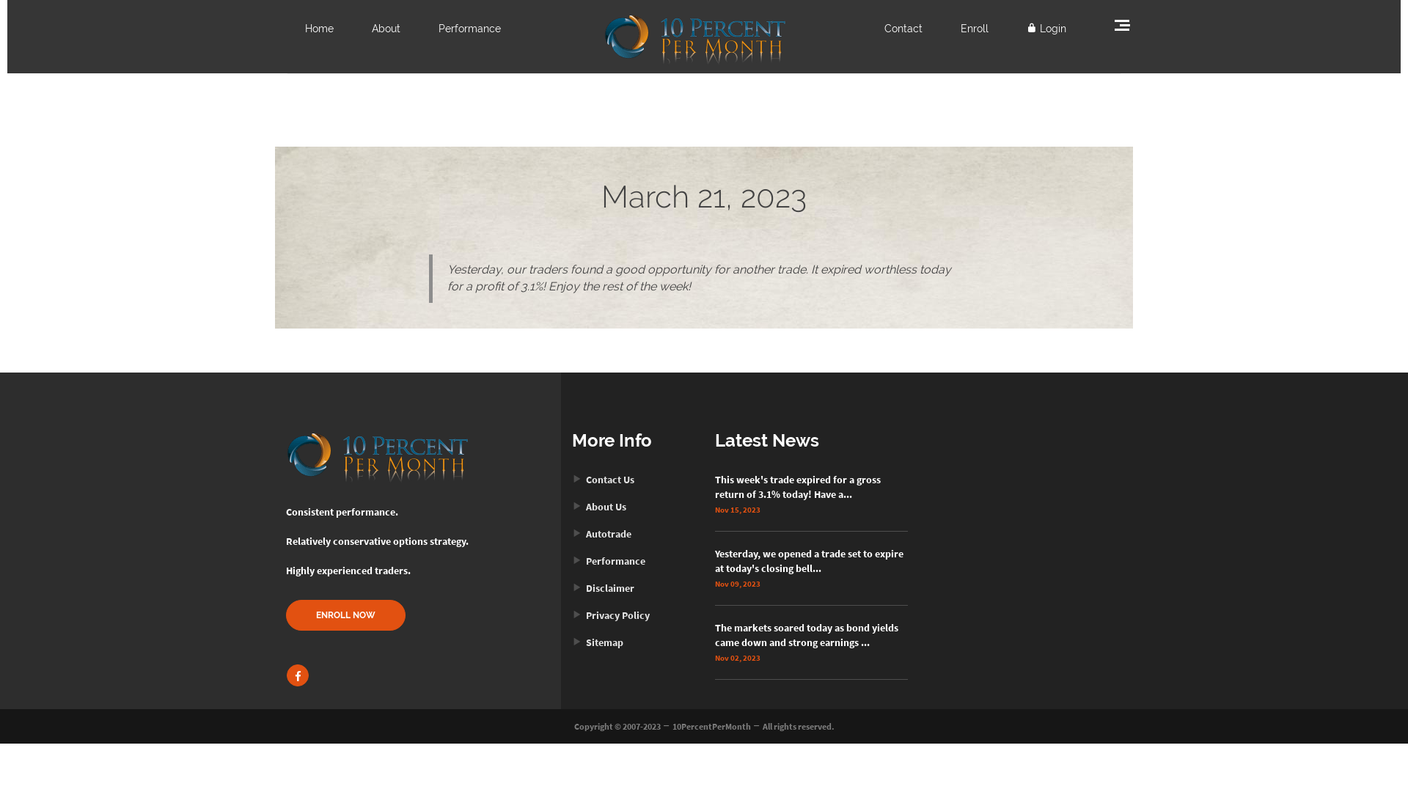 This screenshot has width=1408, height=792. What do you see at coordinates (571, 615) in the screenshot?
I see `'Privacy Policy'` at bounding box center [571, 615].